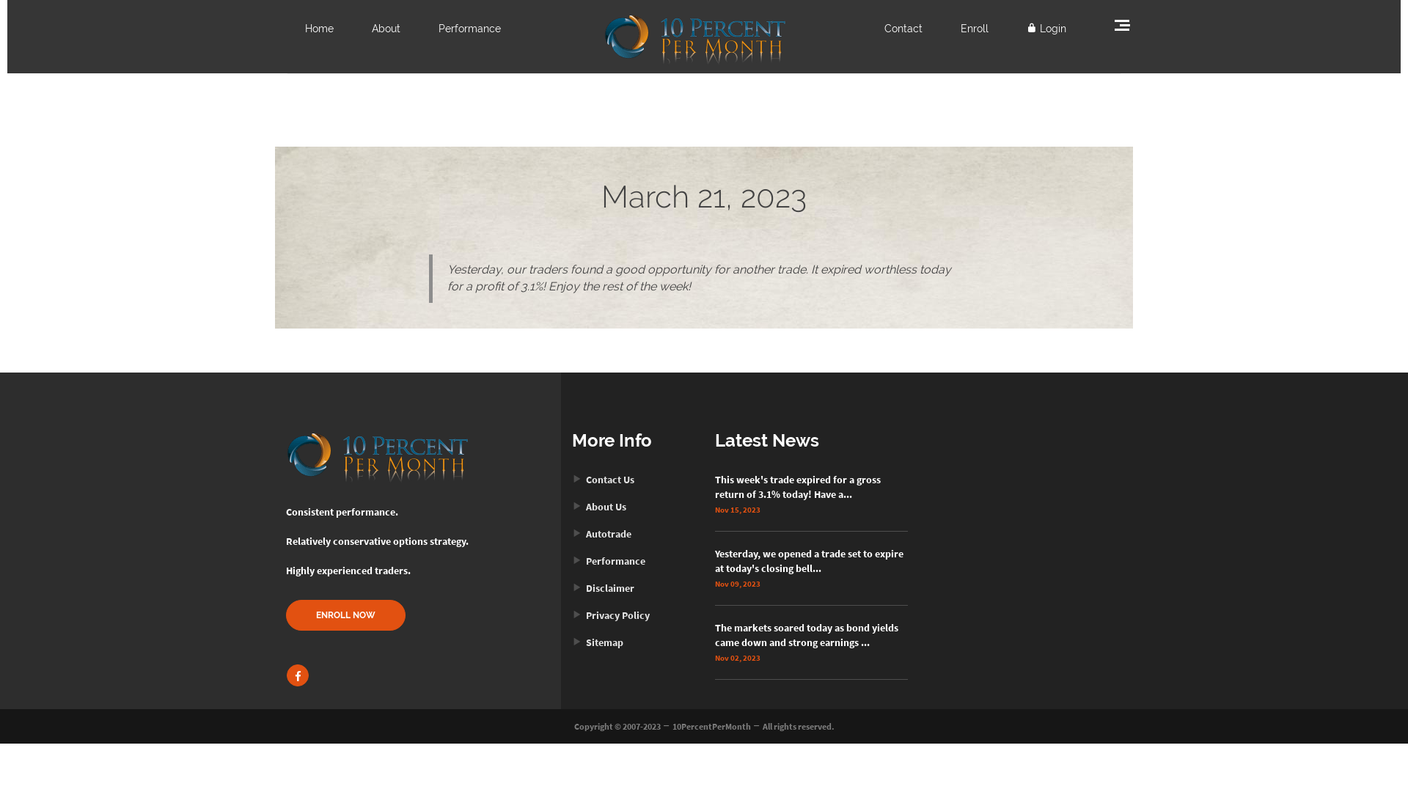 This screenshot has width=1408, height=792. What do you see at coordinates (571, 615) in the screenshot?
I see `'Privacy Policy'` at bounding box center [571, 615].